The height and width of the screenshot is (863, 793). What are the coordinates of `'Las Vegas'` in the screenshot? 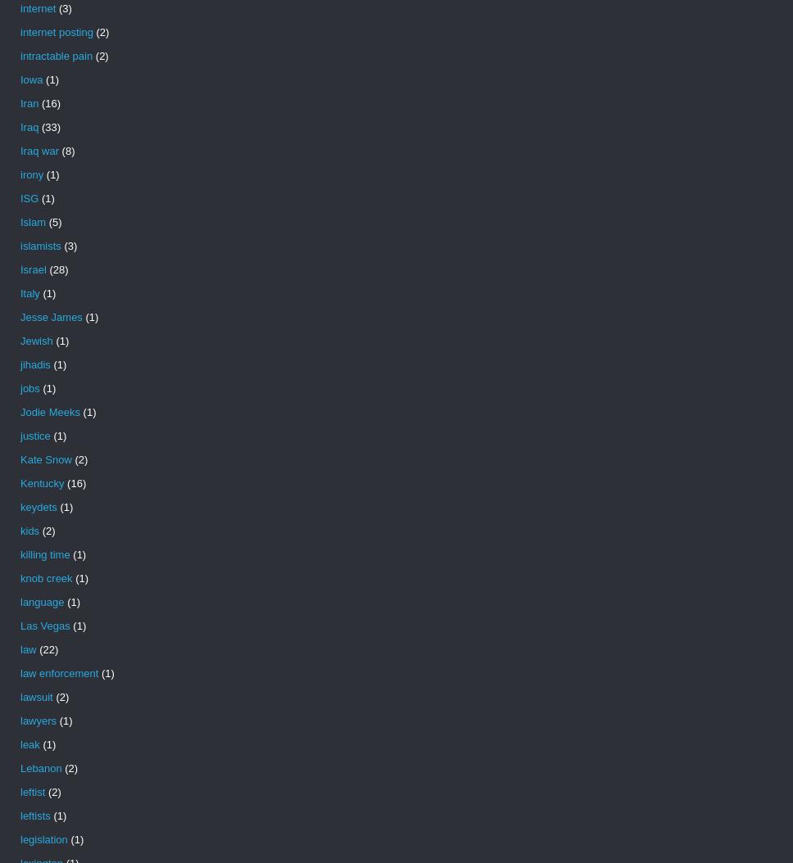 It's located at (43, 626).